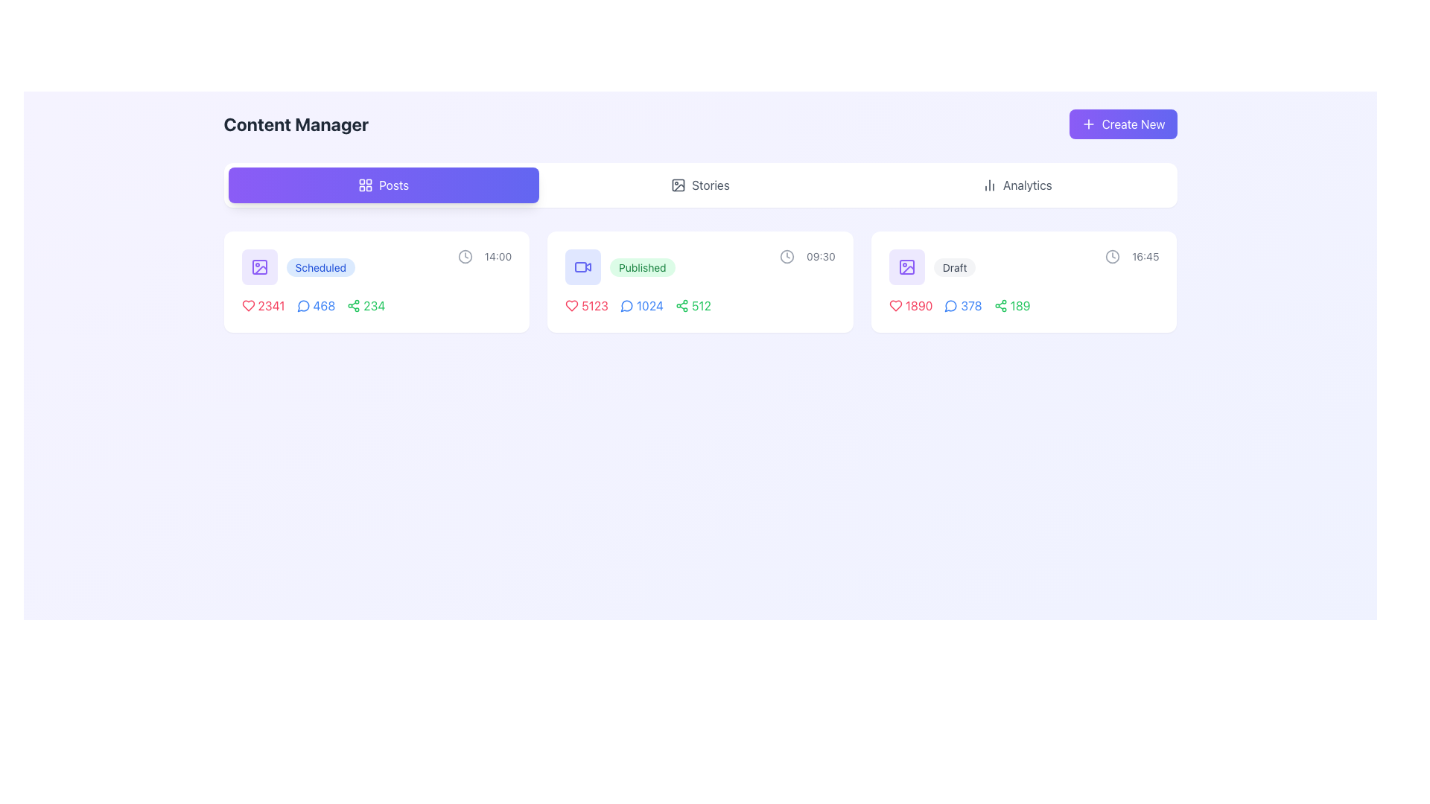 This screenshot has height=804, width=1430. What do you see at coordinates (585, 305) in the screenshot?
I see `displayed number '5123' from the red heart icon counter, which is the first item in the group of social interaction metrics located below the 'Published' label` at bounding box center [585, 305].